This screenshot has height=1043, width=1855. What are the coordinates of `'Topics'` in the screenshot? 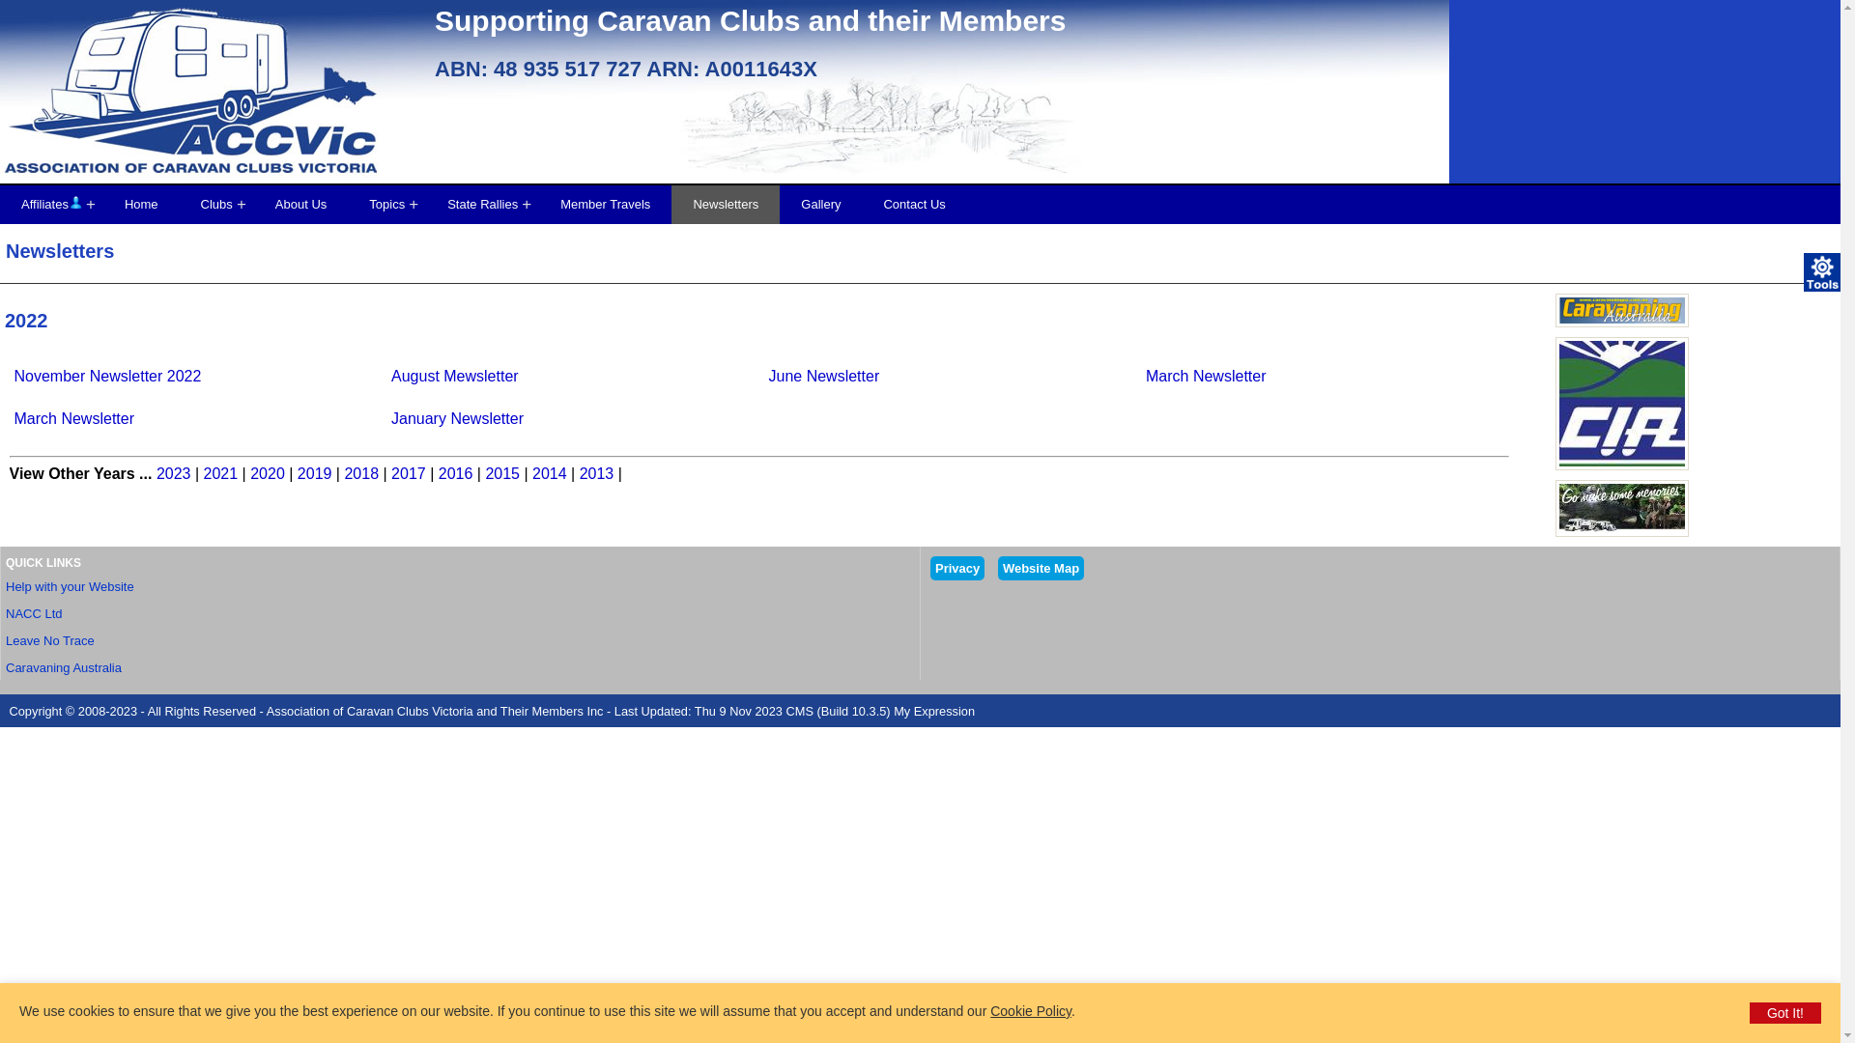 It's located at (386, 205).